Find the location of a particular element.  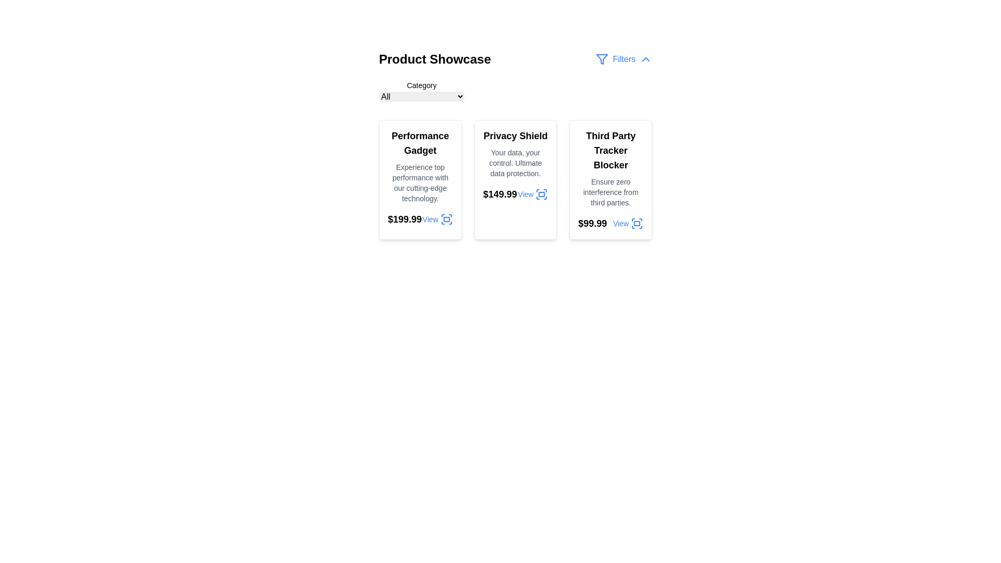

the text label that provides contextual information for the dropdown menu labeled 'All', located at the top-center of the interface, beneath 'Product Showcase' is located at coordinates (422, 85).